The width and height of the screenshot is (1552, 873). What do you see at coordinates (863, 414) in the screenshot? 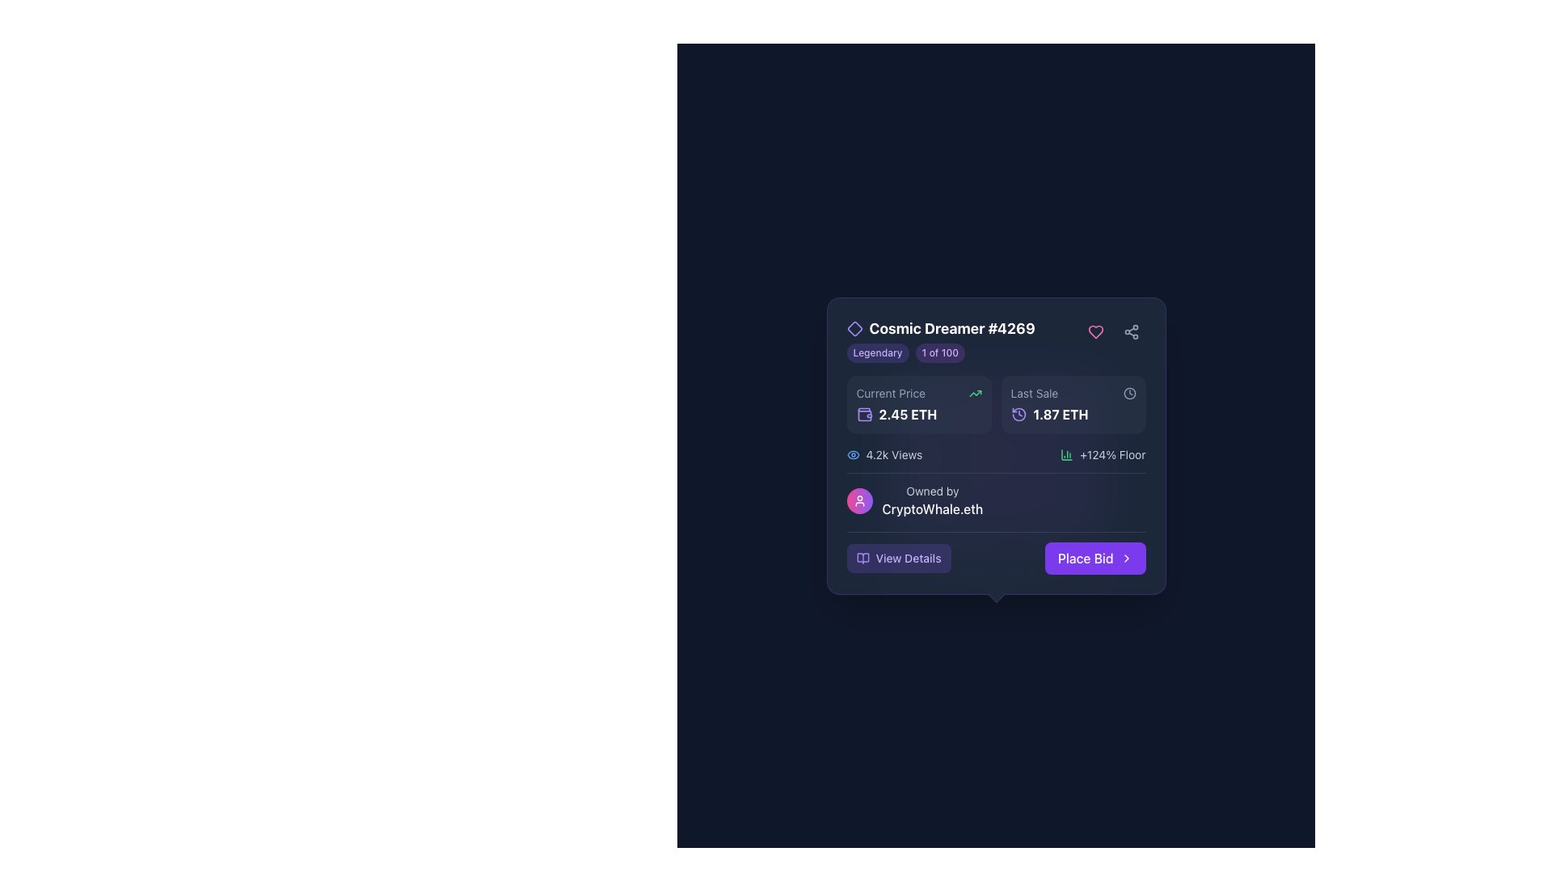
I see `the wallet icon with a violet outline, positioned to the left of the text '2.45 ETH' in the upper left section of the card-like component` at bounding box center [863, 414].